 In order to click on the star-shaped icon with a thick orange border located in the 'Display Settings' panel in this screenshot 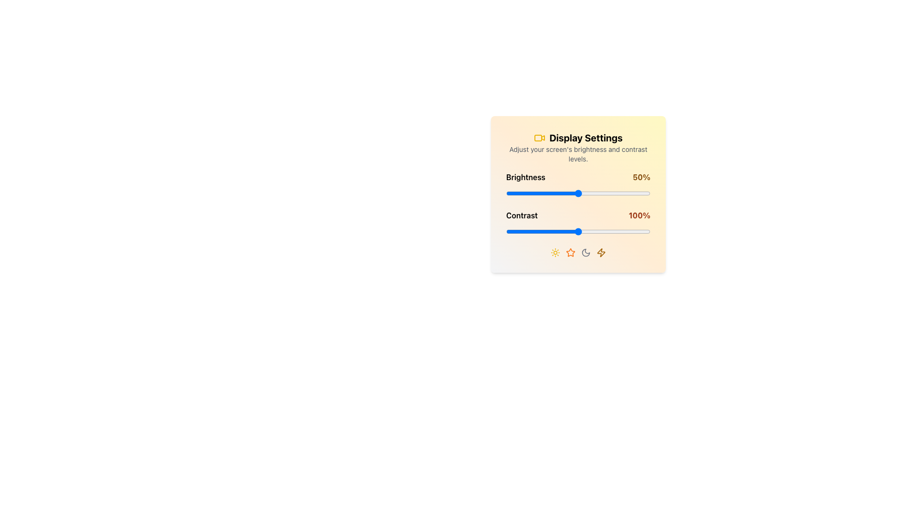, I will do `click(571, 252)`.